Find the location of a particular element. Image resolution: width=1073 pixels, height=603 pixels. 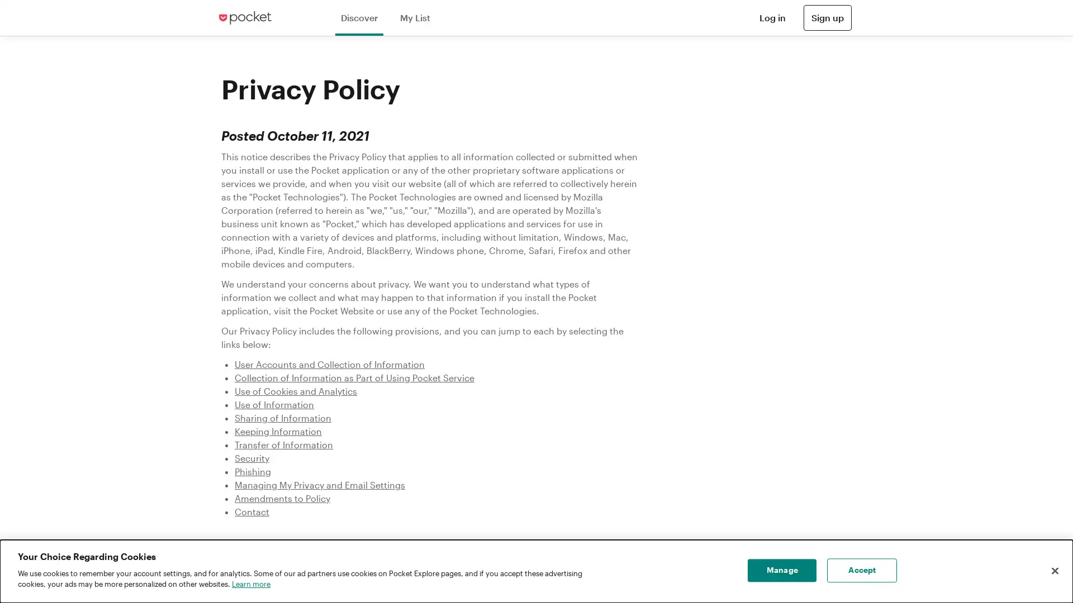

Accept is located at coordinates (861, 571).